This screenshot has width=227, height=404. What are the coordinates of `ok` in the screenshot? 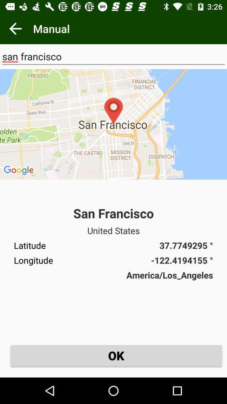 It's located at (116, 355).